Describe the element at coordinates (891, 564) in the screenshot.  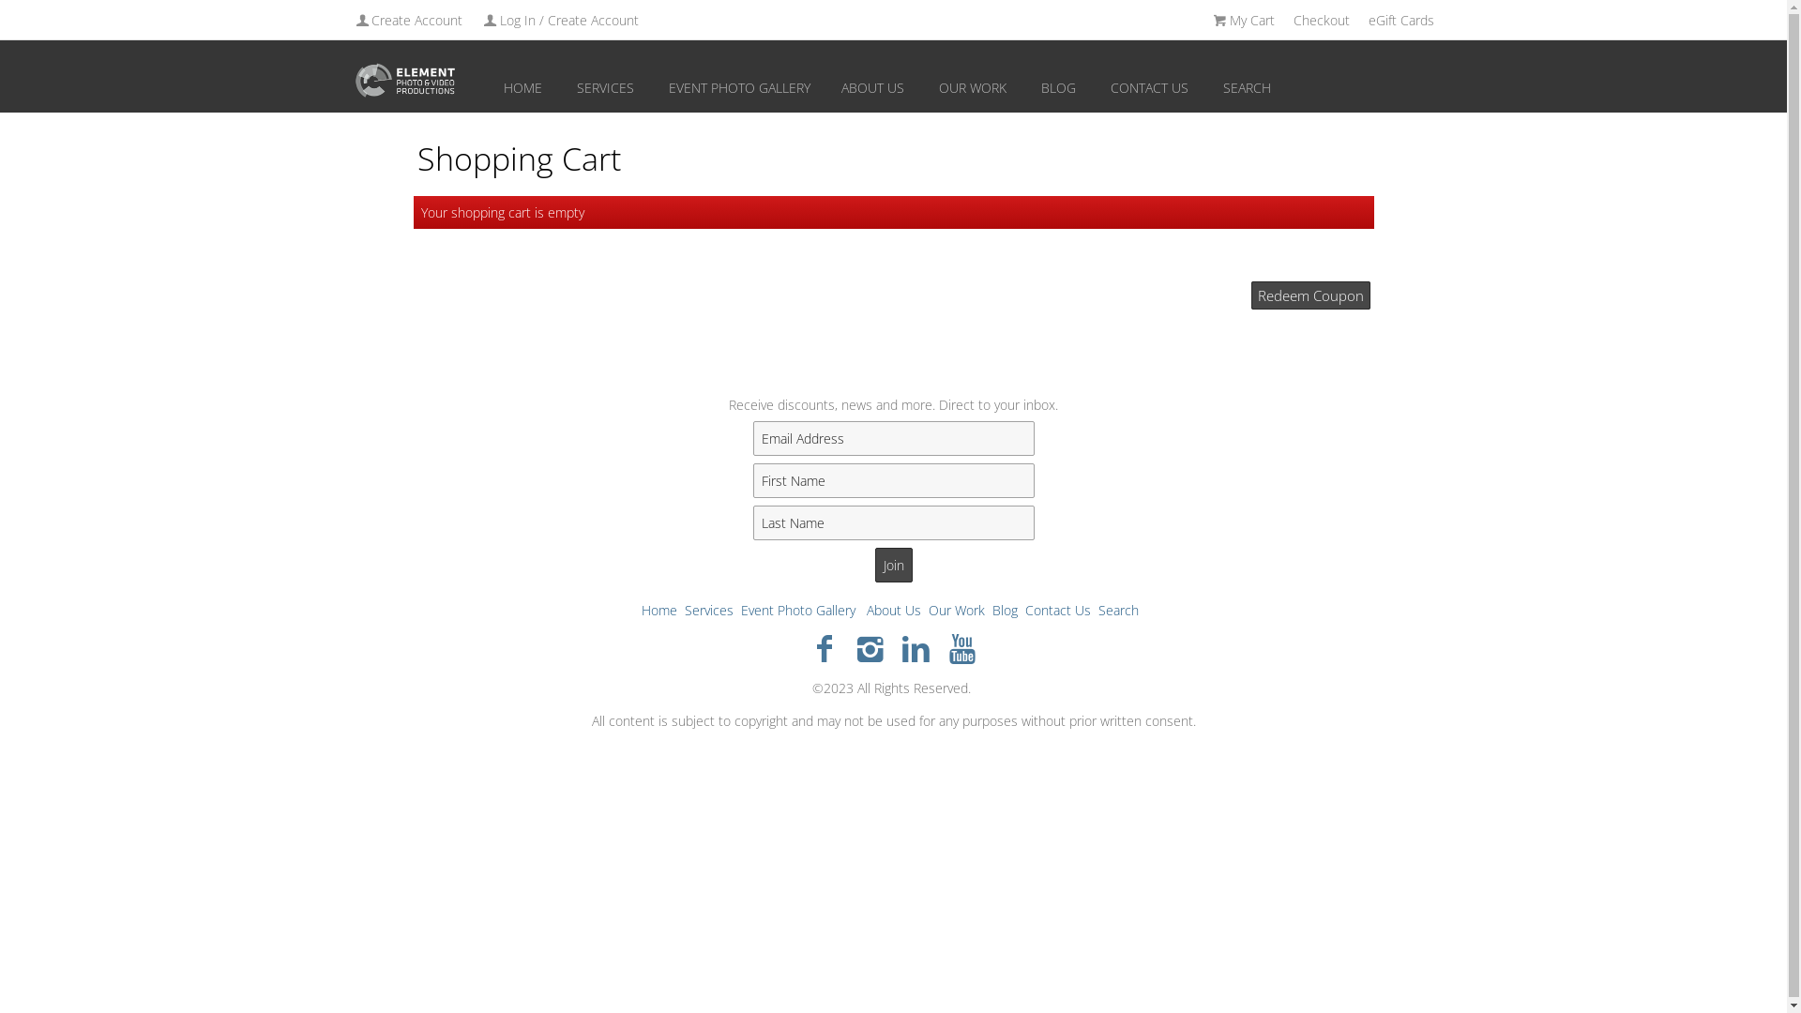
I see `'Join'` at that location.